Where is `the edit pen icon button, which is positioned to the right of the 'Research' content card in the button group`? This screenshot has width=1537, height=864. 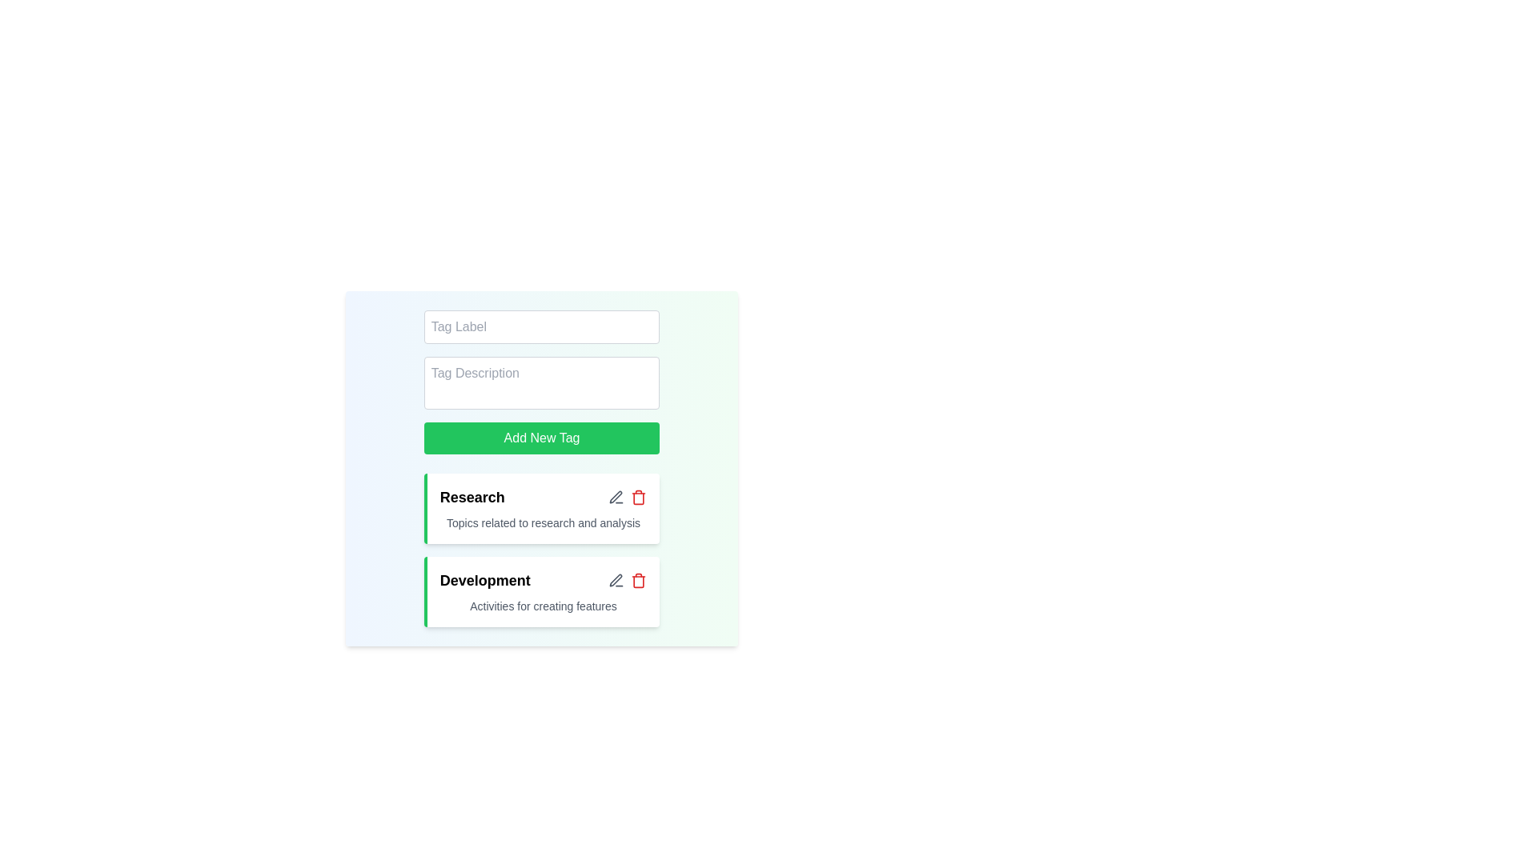
the edit pen icon button, which is positioned to the right of the 'Research' content card in the button group is located at coordinates (616, 496).